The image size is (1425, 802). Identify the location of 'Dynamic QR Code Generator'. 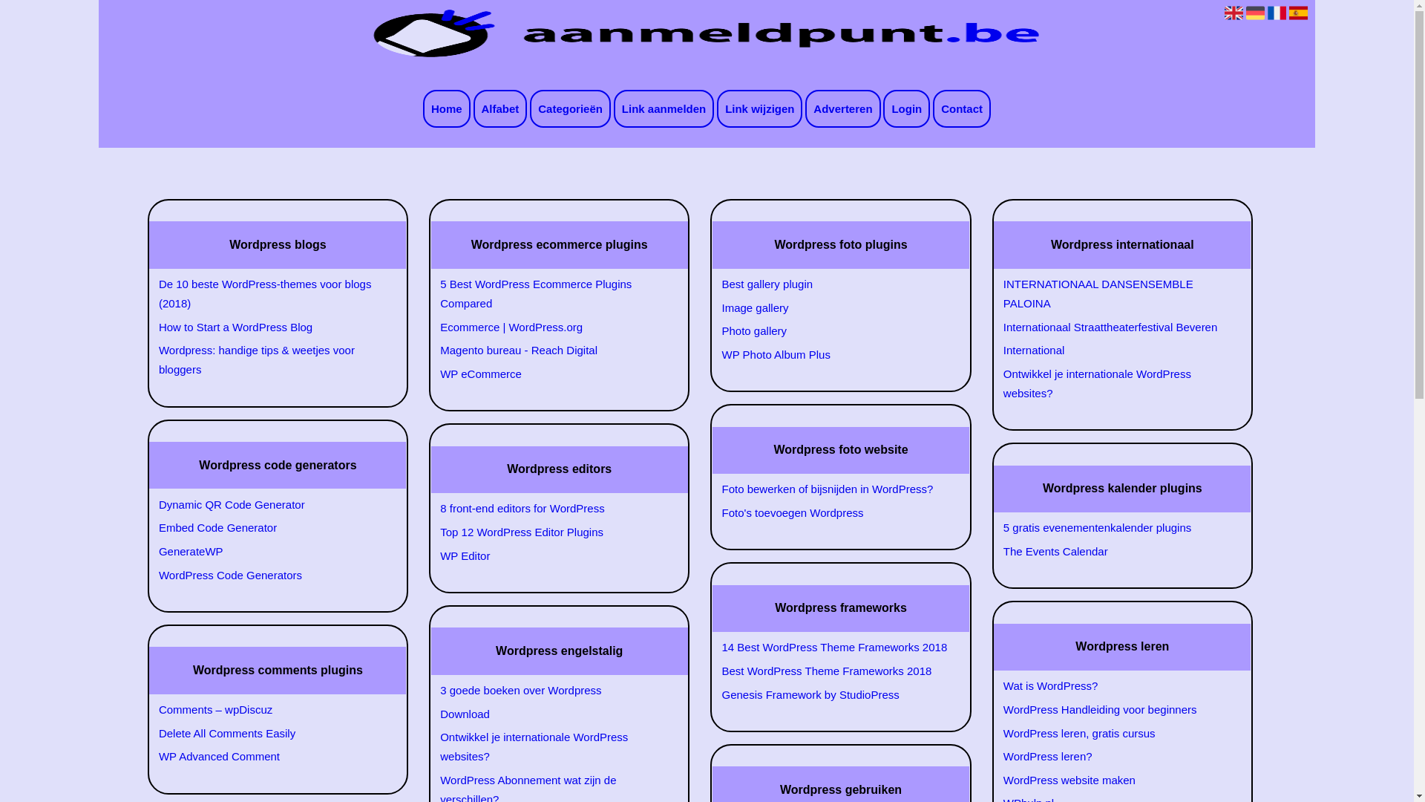
(269, 503).